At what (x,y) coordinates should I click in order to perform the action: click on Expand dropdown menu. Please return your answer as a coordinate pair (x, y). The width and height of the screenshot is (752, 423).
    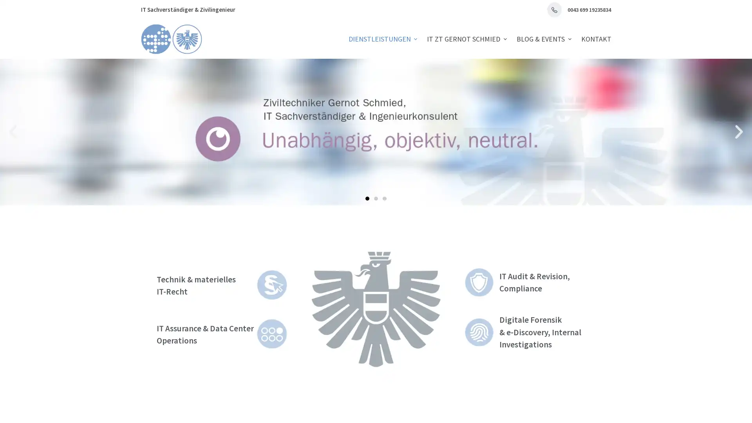
    Looking at the image, I should click on (505, 39).